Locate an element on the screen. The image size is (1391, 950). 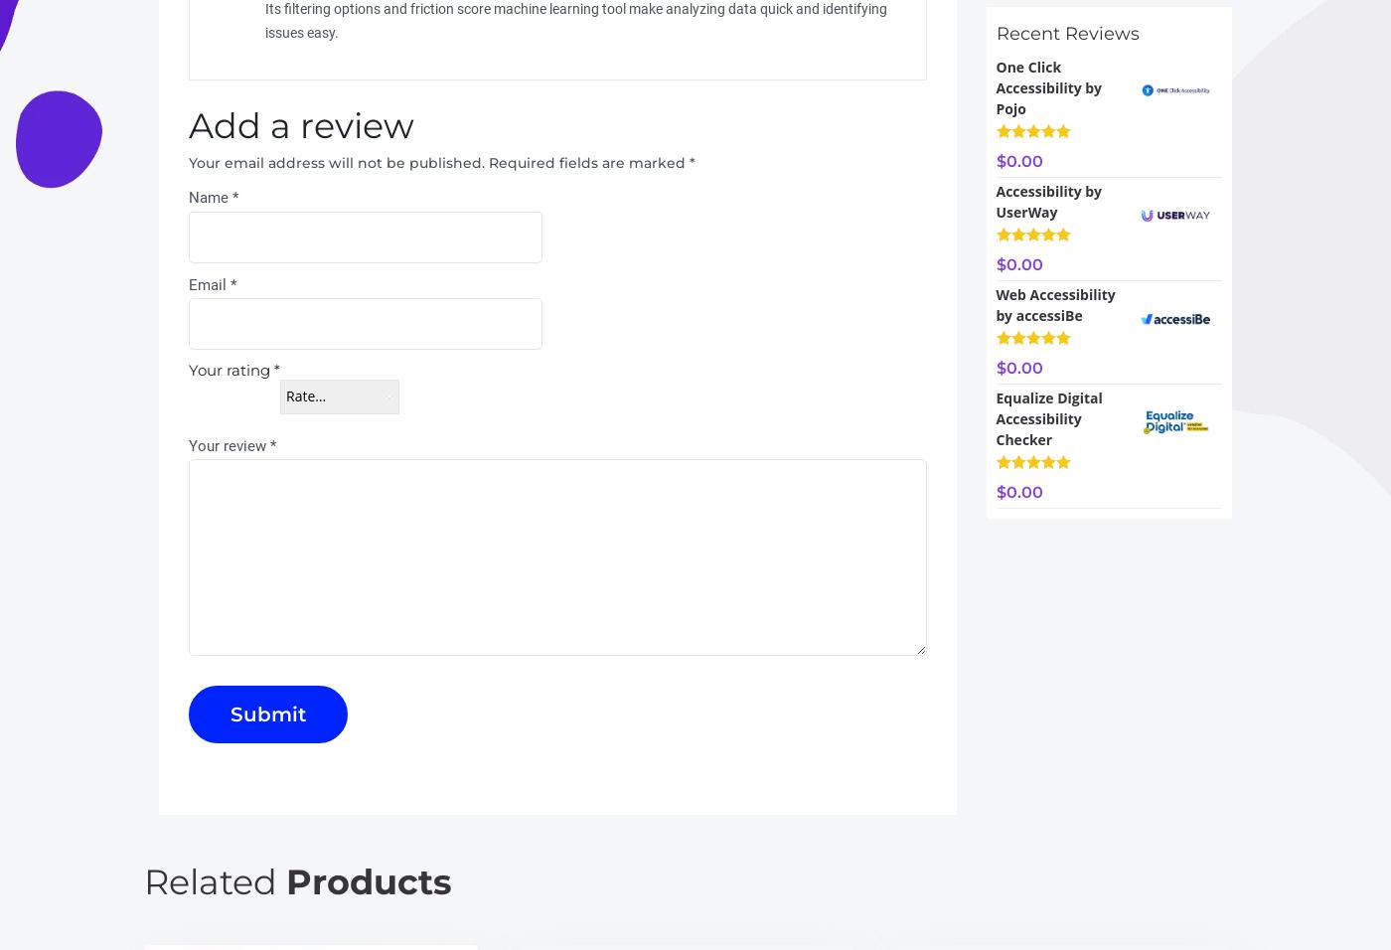
'Required fields are marked' is located at coordinates (589, 162).